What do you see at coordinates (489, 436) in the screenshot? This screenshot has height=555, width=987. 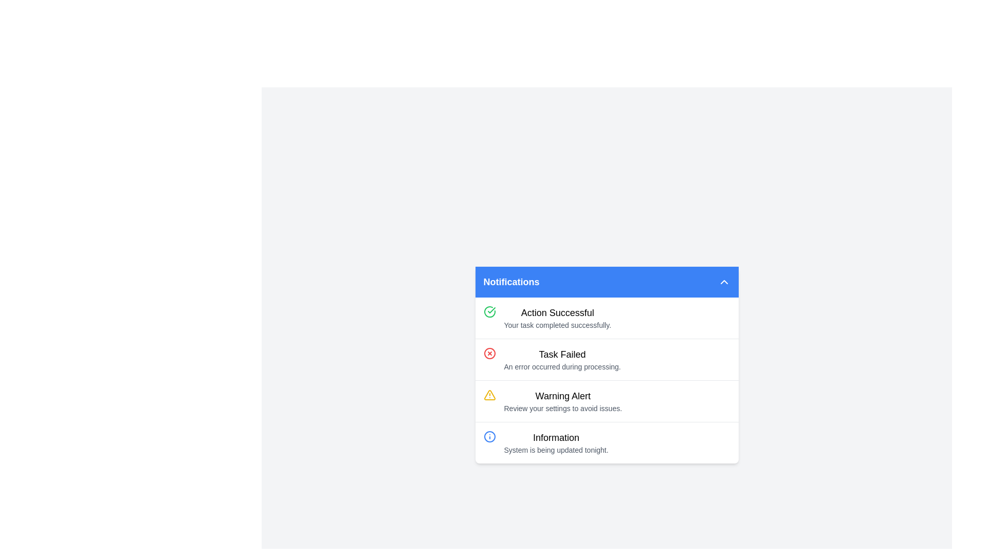 I see `the circular 'info' icon with a blue outline located to the left of the 'Information' text in the notification list` at bounding box center [489, 436].